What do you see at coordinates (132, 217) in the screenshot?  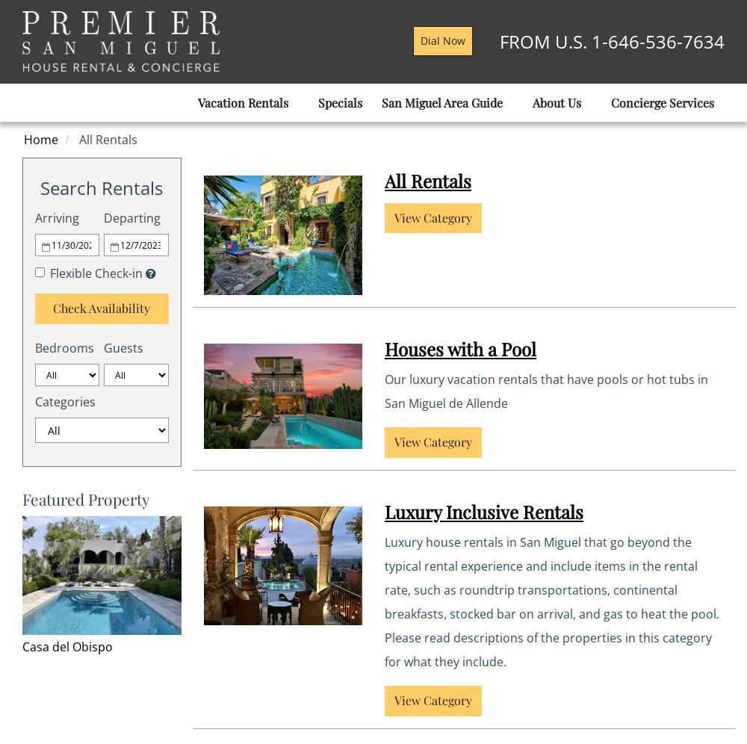 I see `'Departing'` at bounding box center [132, 217].